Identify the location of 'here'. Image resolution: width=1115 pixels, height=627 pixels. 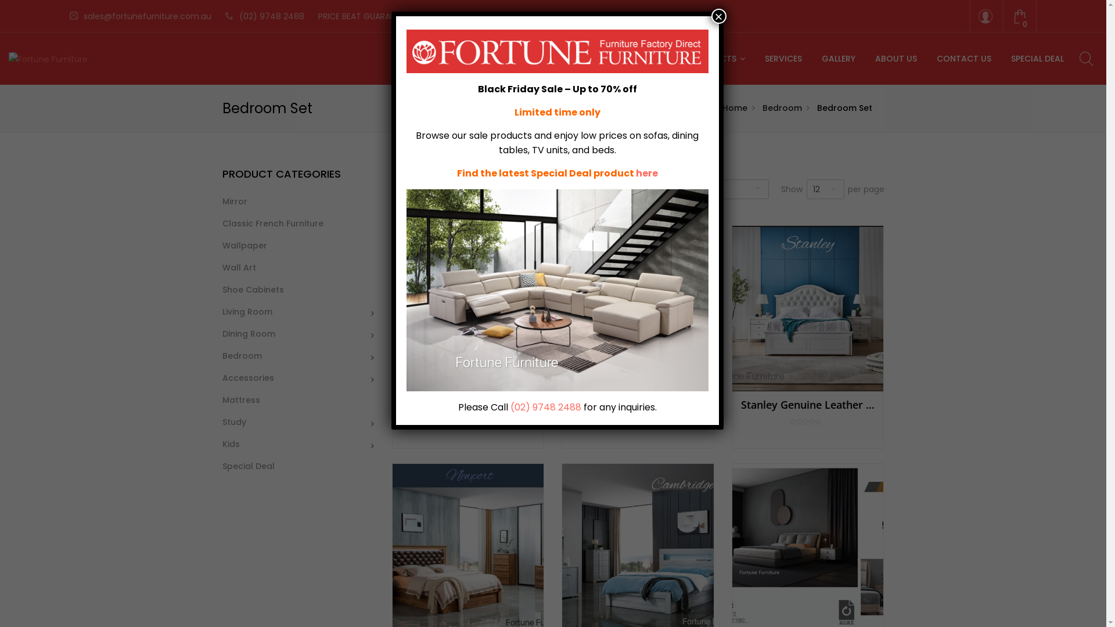
(646, 173).